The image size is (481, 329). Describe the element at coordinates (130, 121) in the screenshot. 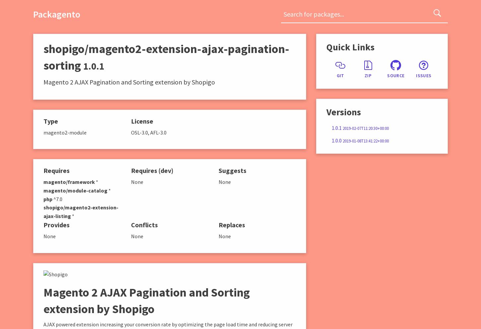

I see `'License'` at that location.